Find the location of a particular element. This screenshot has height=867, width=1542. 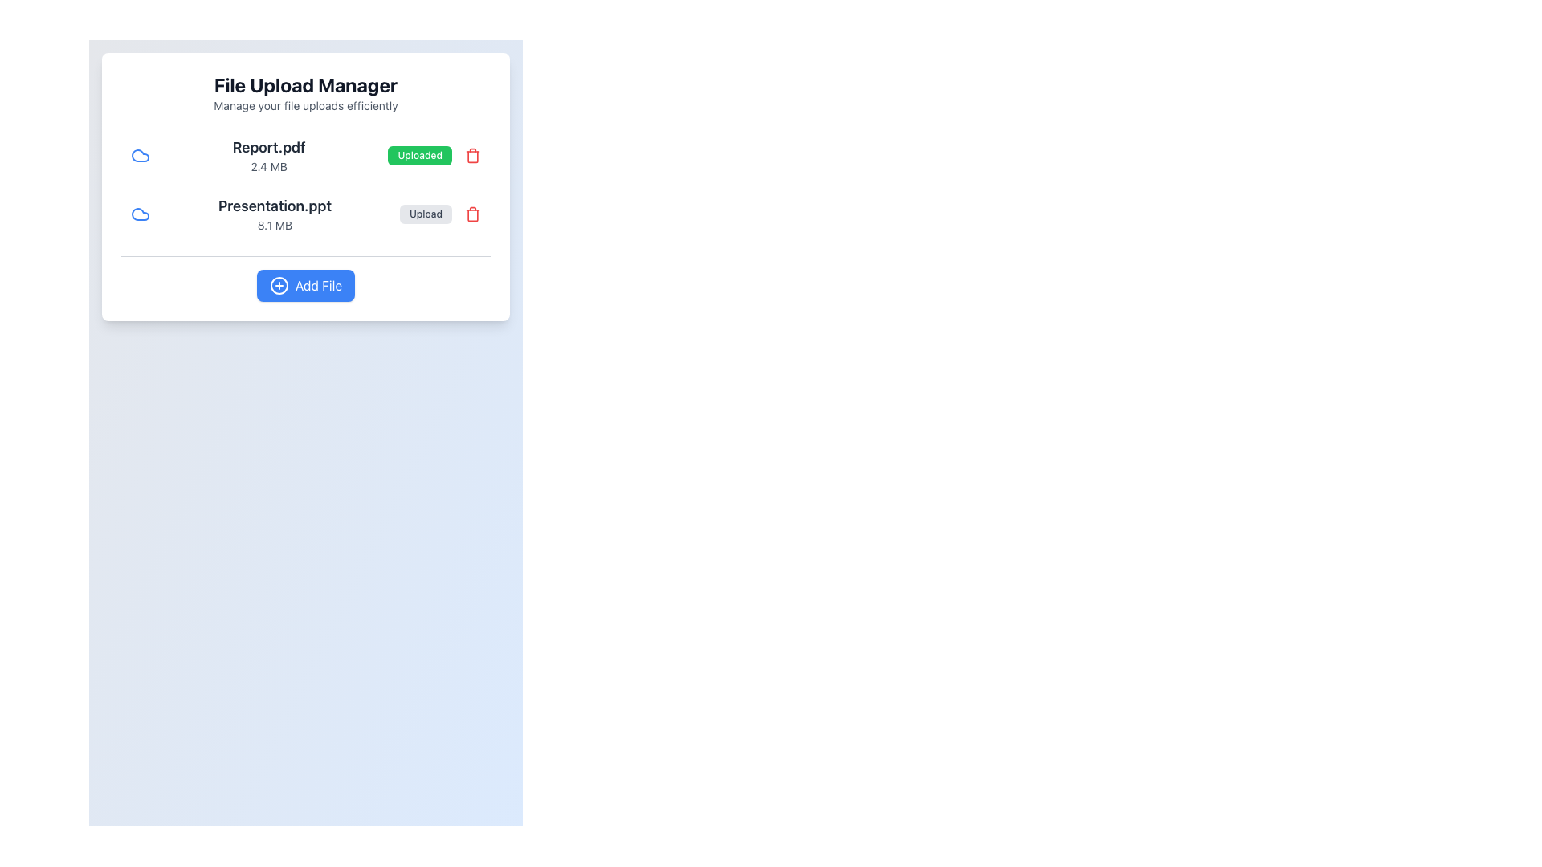

the static label displaying the file size '2.4 MB' located directly below the filename 'Report.pdf' in the 'File Upload Manager' interface is located at coordinates (269, 167).